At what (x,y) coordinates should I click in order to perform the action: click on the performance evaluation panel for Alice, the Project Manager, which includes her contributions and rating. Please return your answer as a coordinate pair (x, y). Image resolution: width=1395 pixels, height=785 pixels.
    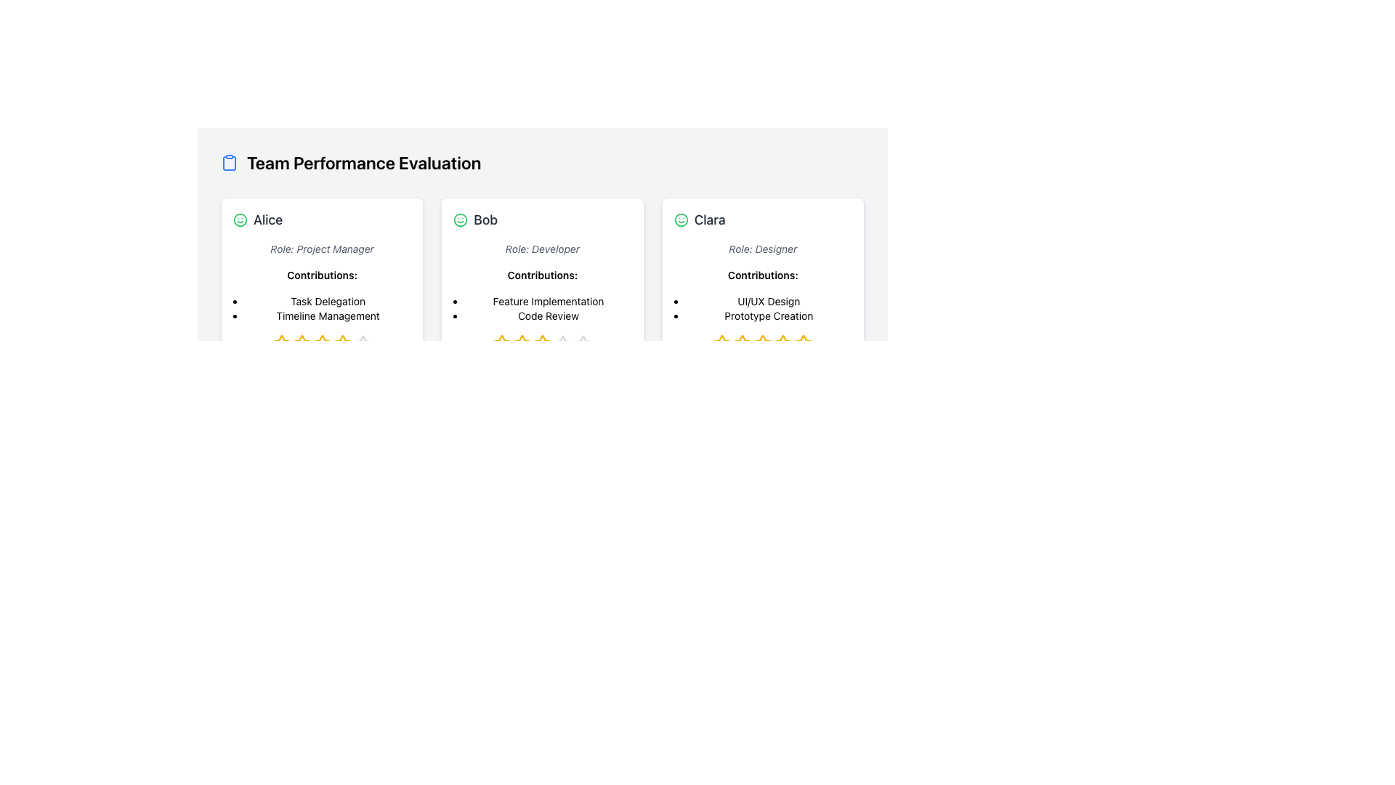
    Looking at the image, I should click on (321, 292).